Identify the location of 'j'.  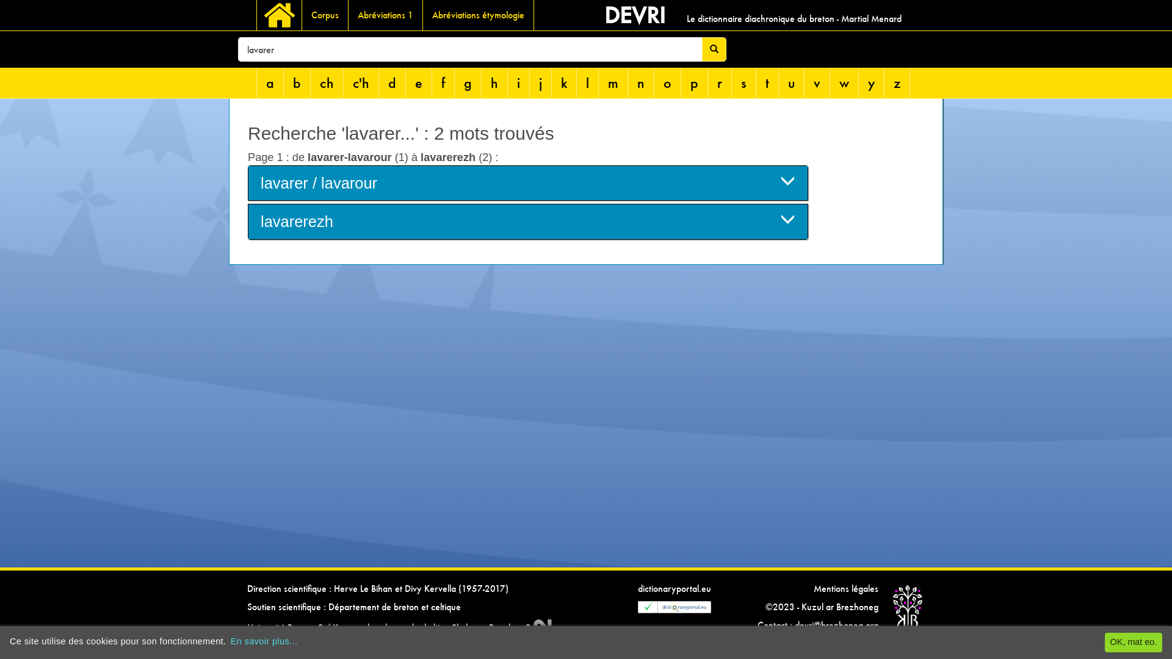
(540, 82).